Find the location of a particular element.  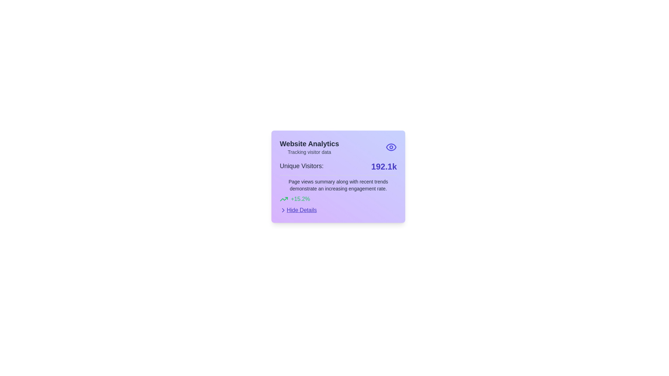

the static text displaying 'Page views summary along with recent trends demonstrate an increasing engagement rate.' which is located between the title 'Unique Visitors: 192.1k' and the percentage '+15.2%' with a green arrow icon next to it is located at coordinates (338, 185).